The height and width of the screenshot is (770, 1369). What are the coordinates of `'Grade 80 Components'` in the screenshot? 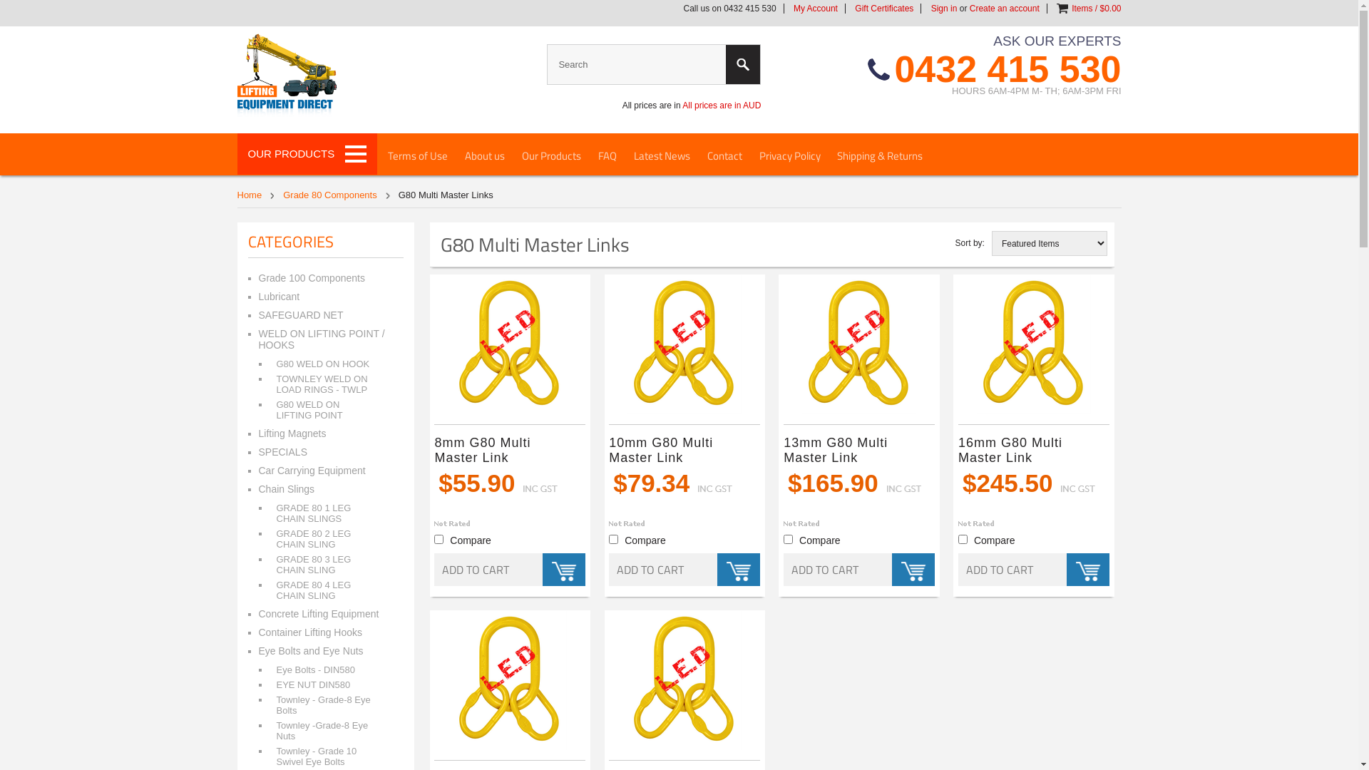 It's located at (335, 195).